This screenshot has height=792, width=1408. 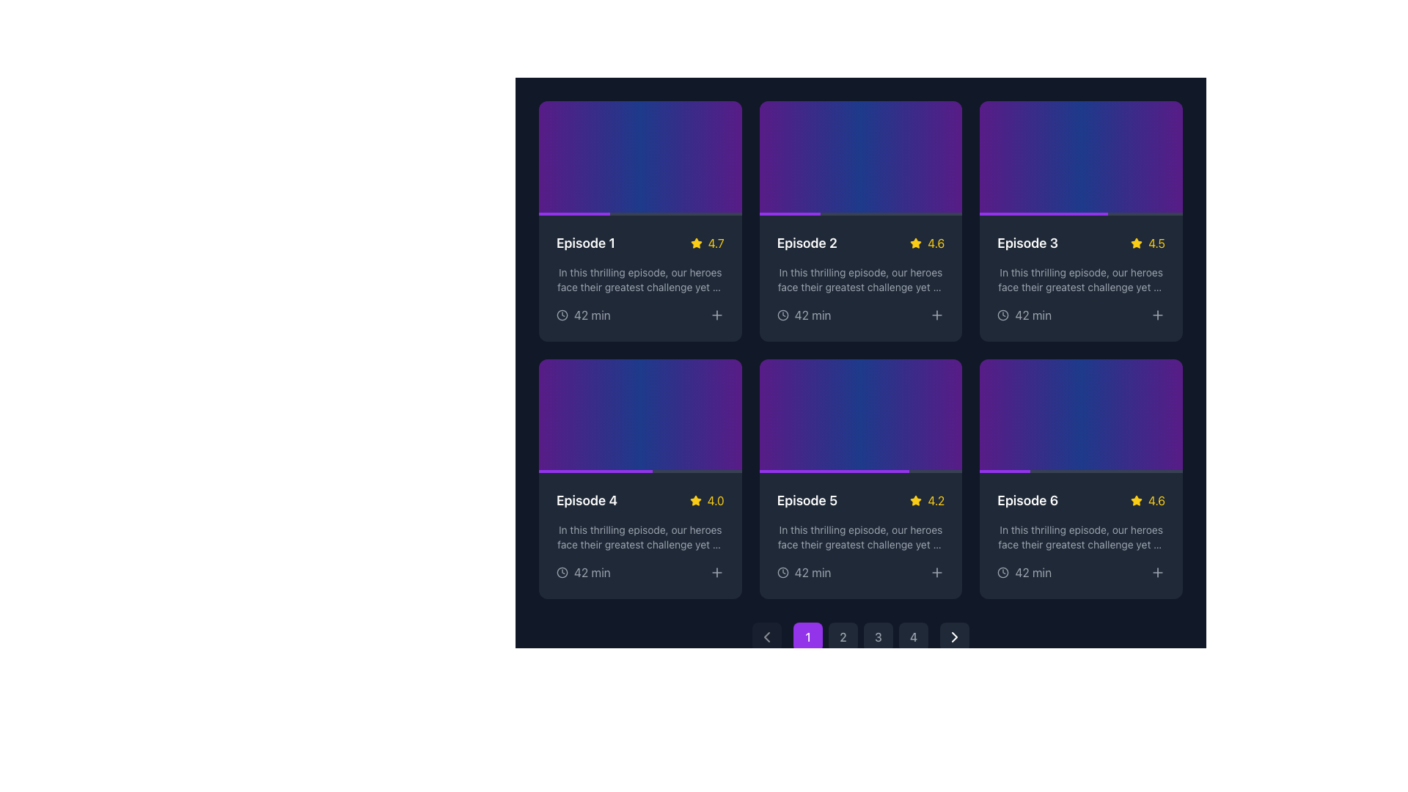 I want to click on the progress bar located in the lower portion of the 'Episode 3' card, which serves as a visual progress indicator, so click(x=1043, y=213).